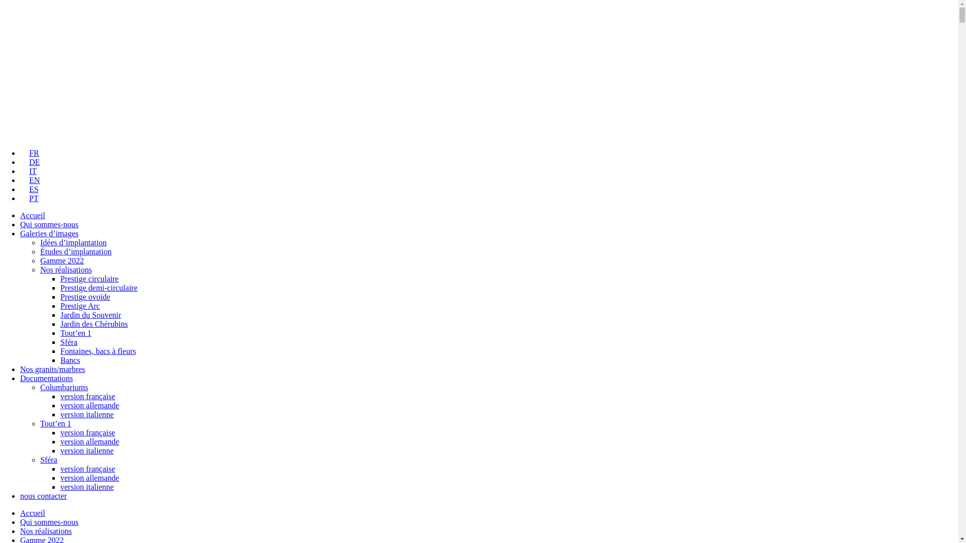 Image resolution: width=966 pixels, height=543 pixels. Describe the element at coordinates (69, 359) in the screenshot. I see `'Bancs'` at that location.